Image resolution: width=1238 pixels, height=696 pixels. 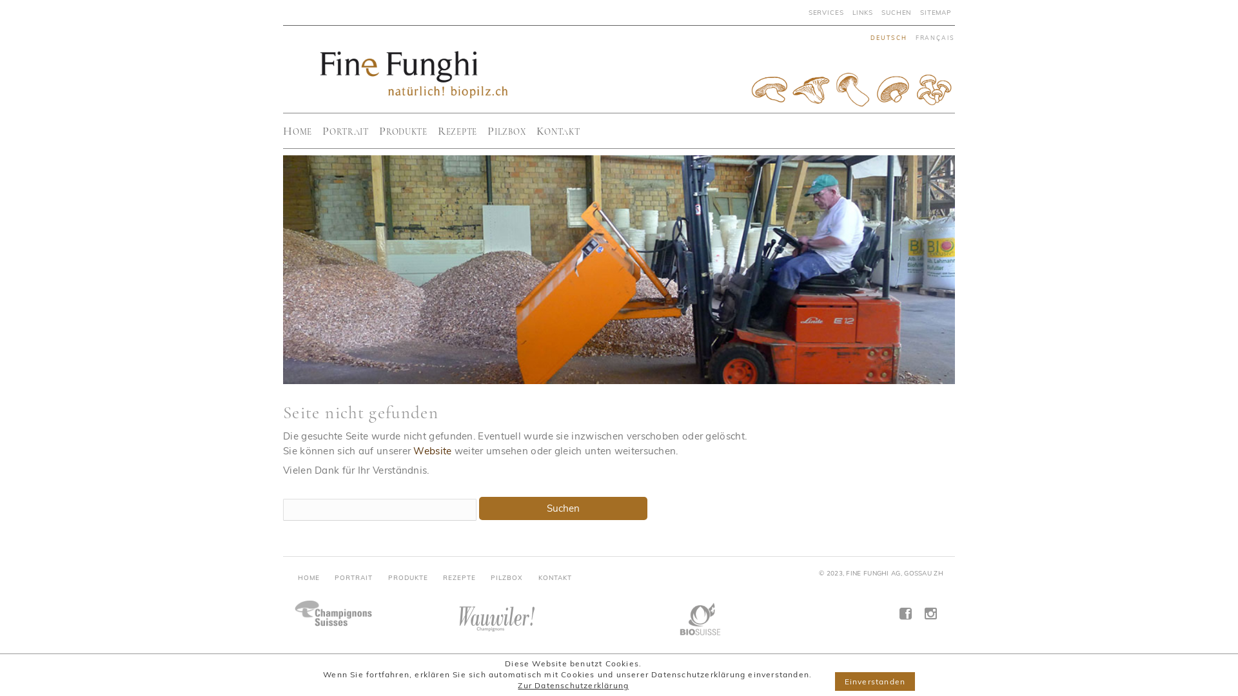 What do you see at coordinates (486, 577) in the screenshot?
I see `'PILZBOX'` at bounding box center [486, 577].